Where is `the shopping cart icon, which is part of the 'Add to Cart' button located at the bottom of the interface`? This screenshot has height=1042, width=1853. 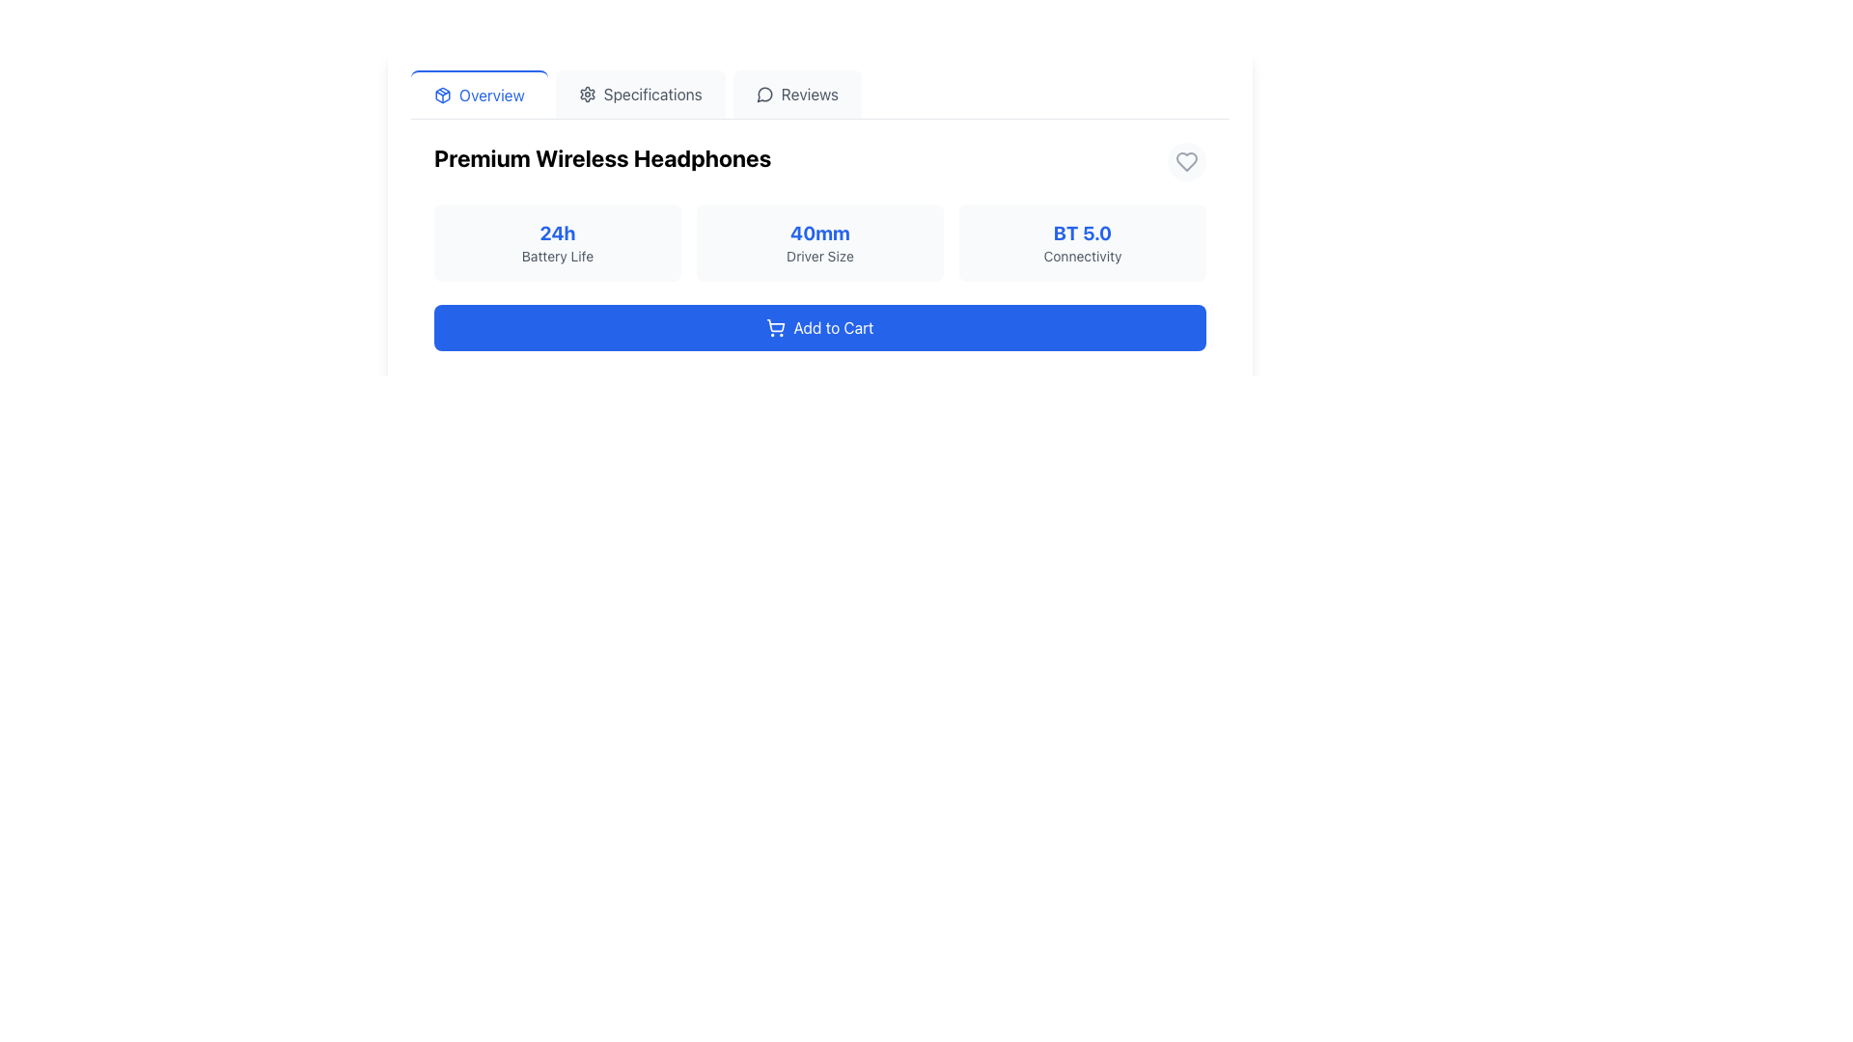 the shopping cart icon, which is part of the 'Add to Cart' button located at the bottom of the interface is located at coordinates (776, 324).